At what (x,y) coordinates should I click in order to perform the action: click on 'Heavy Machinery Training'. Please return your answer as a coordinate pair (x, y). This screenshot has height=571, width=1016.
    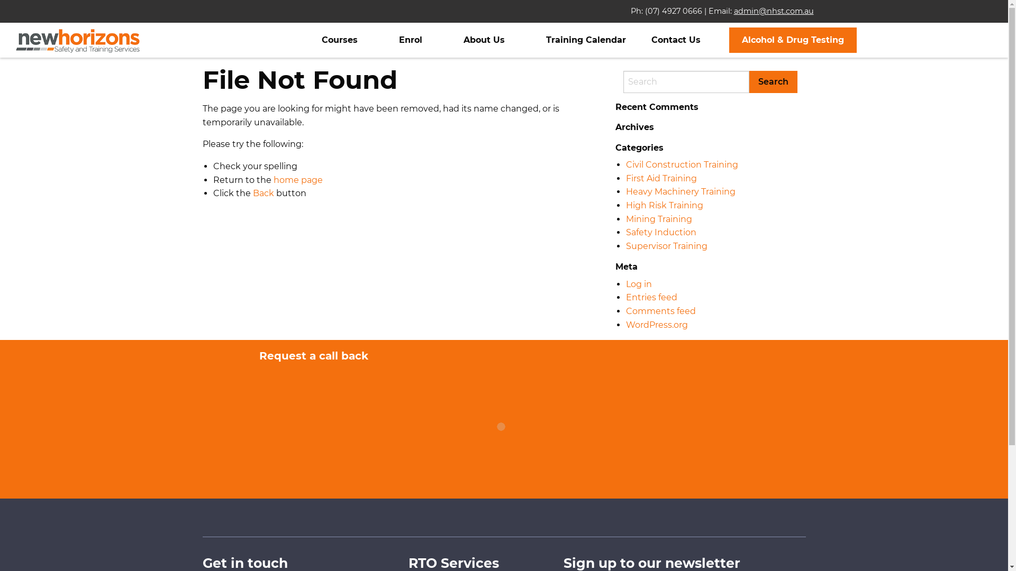
    Looking at the image, I should click on (680, 191).